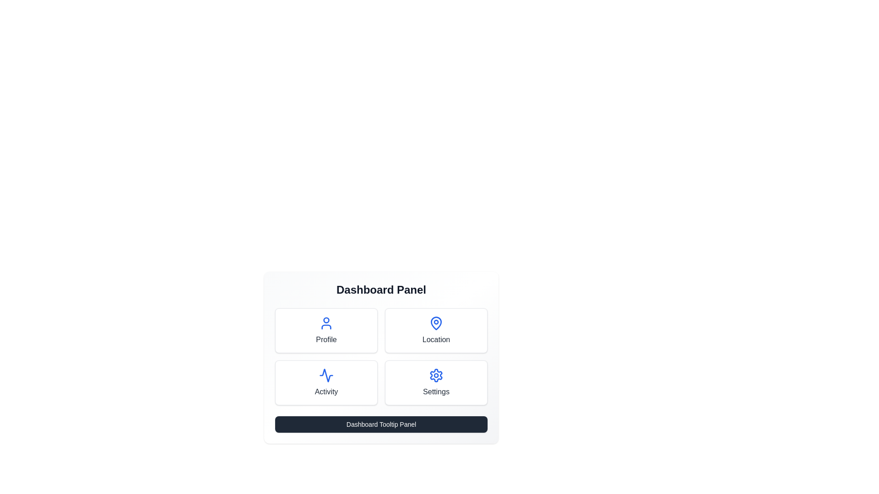 This screenshot has height=494, width=879. What do you see at coordinates (326, 330) in the screenshot?
I see `the Profile button, which is a card-style component with a user icon in blue and the text 'Profile', to trigger hover effects` at bounding box center [326, 330].